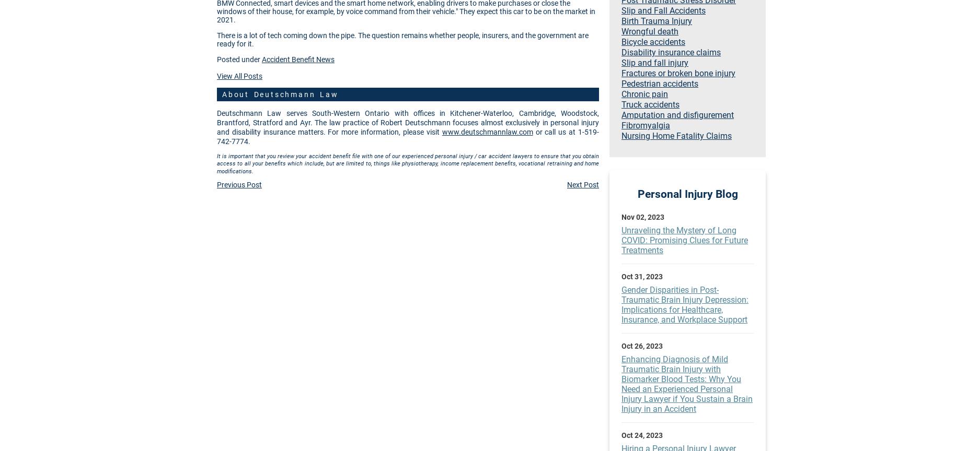  What do you see at coordinates (644, 93) in the screenshot?
I see `'Chronic pain'` at bounding box center [644, 93].